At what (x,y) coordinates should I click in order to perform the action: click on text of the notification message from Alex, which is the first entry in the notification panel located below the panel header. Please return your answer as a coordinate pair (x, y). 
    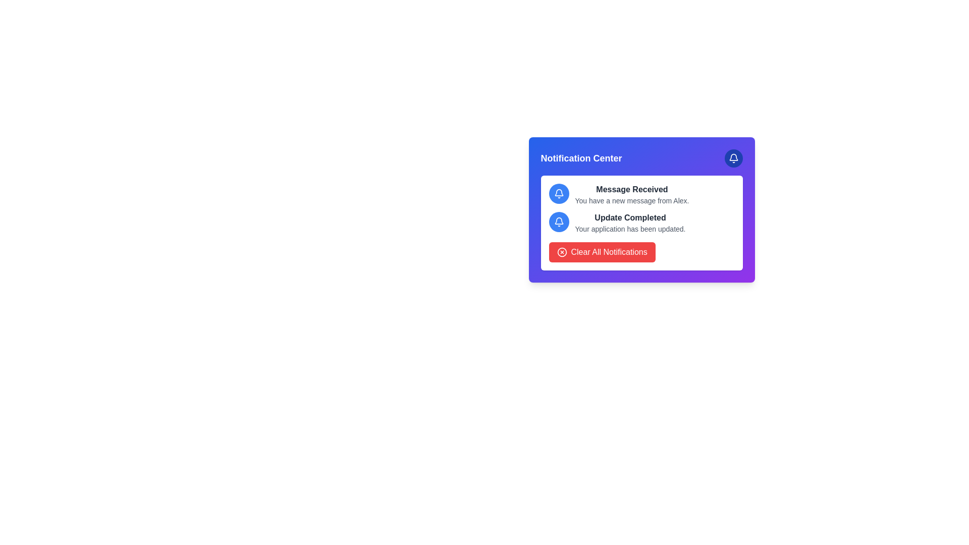
    Looking at the image, I should click on (631, 194).